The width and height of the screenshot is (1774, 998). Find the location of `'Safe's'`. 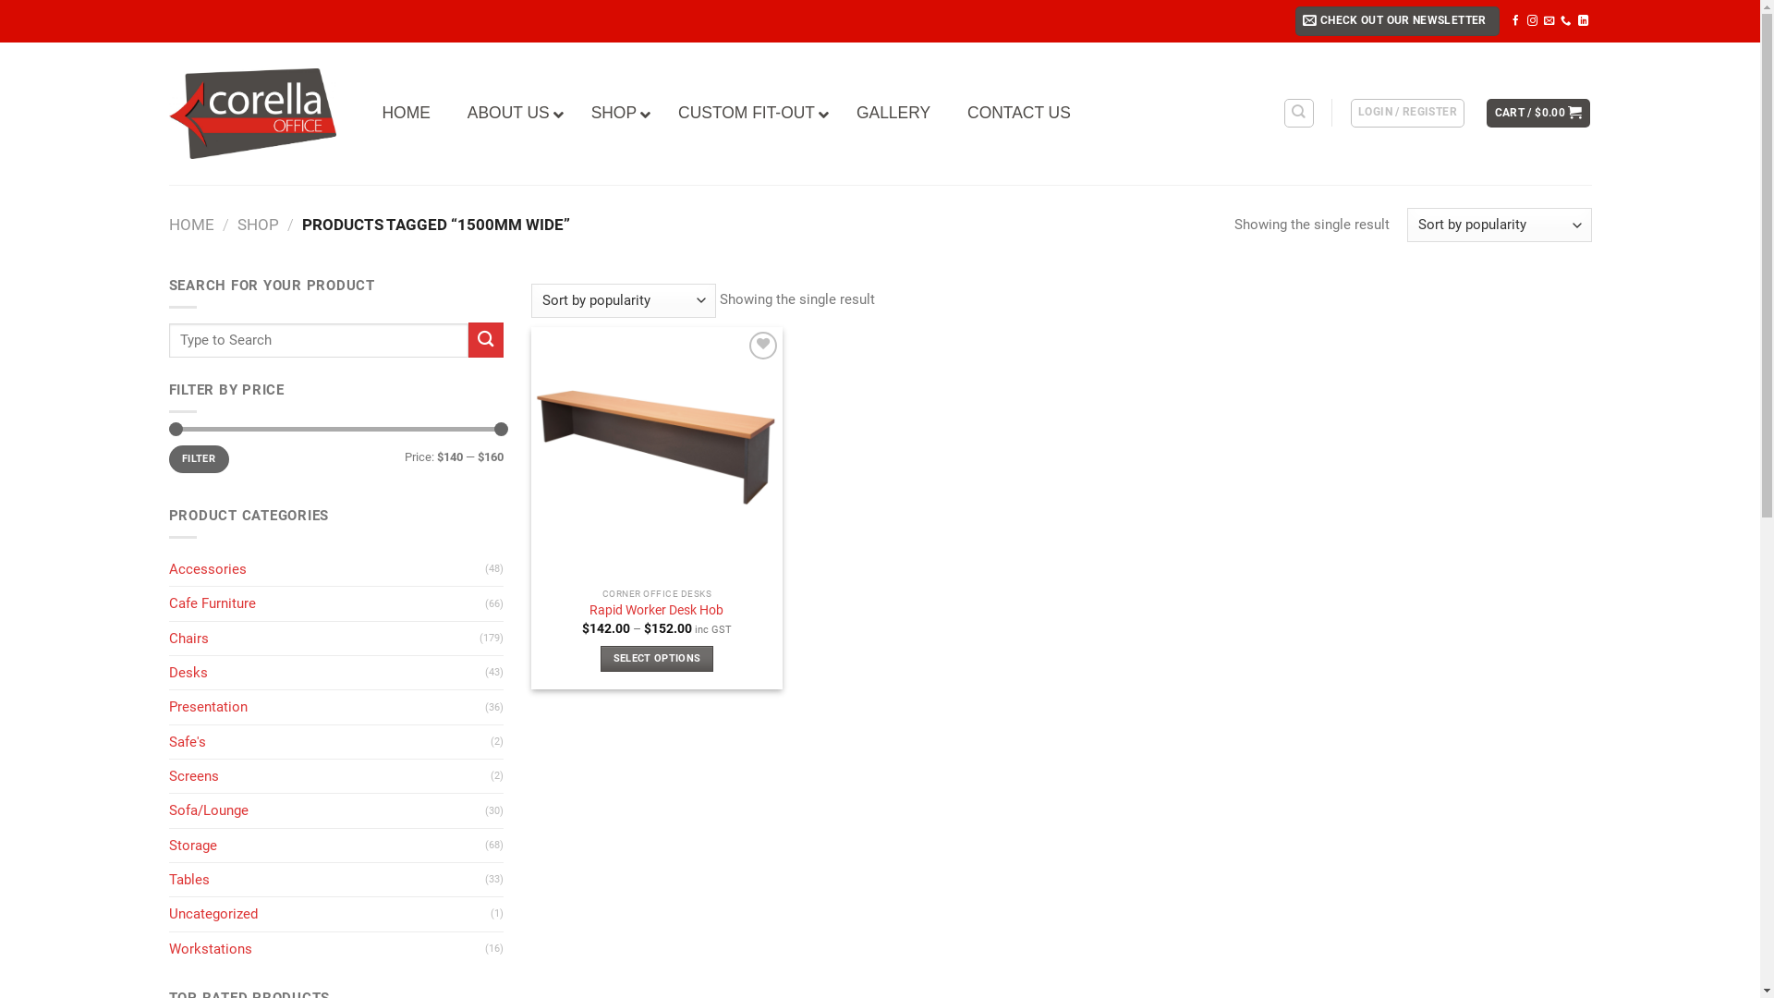

'Safe's' is located at coordinates (329, 740).